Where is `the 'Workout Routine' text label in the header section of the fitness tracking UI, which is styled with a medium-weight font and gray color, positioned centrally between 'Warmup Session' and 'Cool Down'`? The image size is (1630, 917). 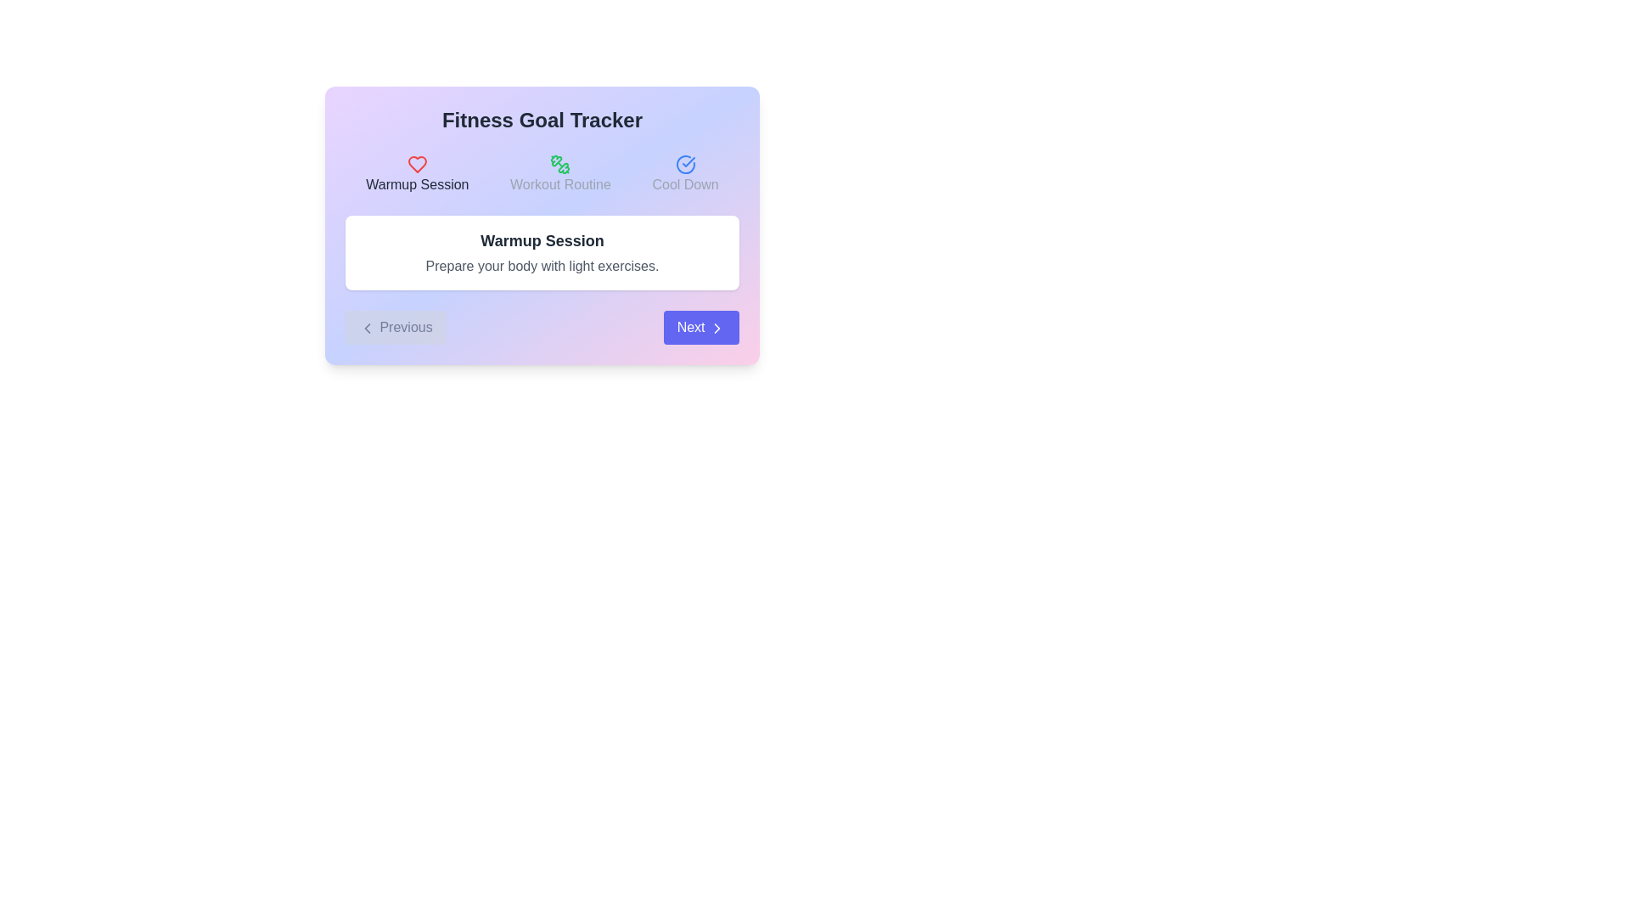 the 'Workout Routine' text label in the header section of the fitness tracking UI, which is styled with a medium-weight font and gray color, positioned centrally between 'Warmup Session' and 'Cool Down' is located at coordinates (560, 185).